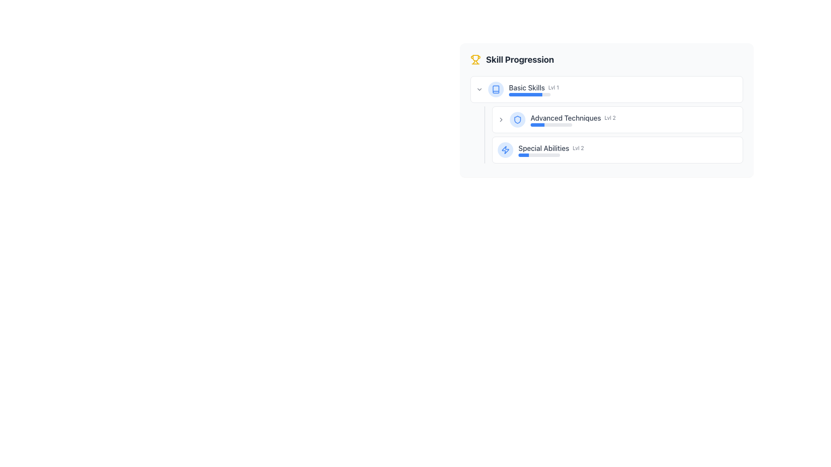  What do you see at coordinates (505, 150) in the screenshot?
I see `the circular icon with a light blue background featuring a lightning bolt symbol, located to the left of the label text 'Special Abilities'` at bounding box center [505, 150].